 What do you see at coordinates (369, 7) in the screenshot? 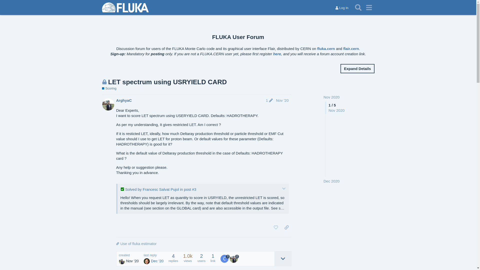
I see `'menu'` at bounding box center [369, 7].